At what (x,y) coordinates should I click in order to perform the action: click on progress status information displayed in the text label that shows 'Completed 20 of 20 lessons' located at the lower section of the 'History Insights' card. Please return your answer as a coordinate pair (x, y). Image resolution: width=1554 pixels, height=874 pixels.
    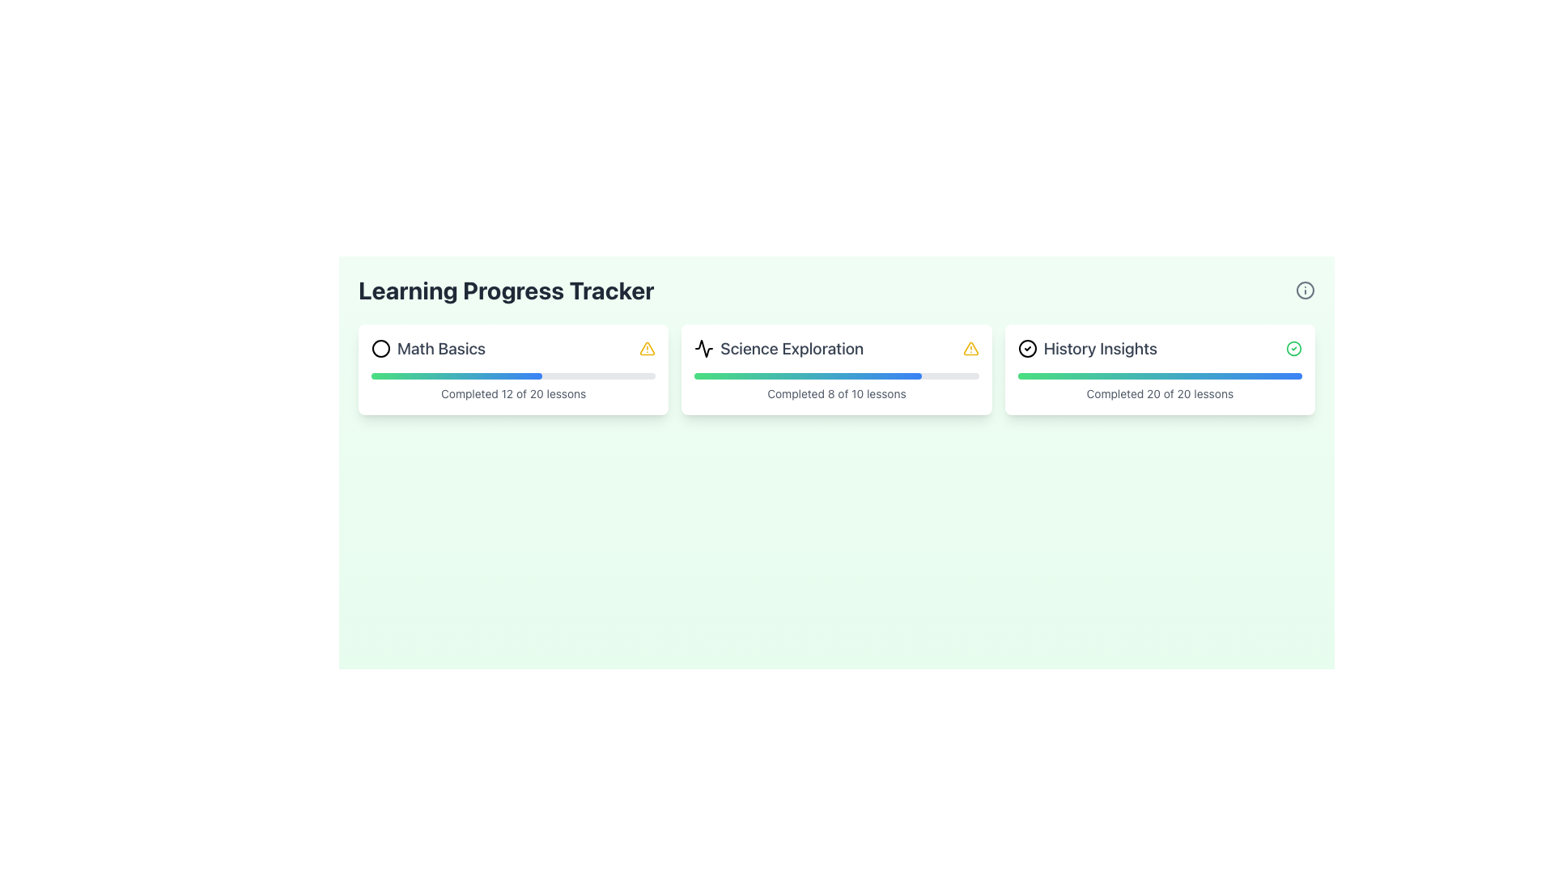
    Looking at the image, I should click on (1159, 393).